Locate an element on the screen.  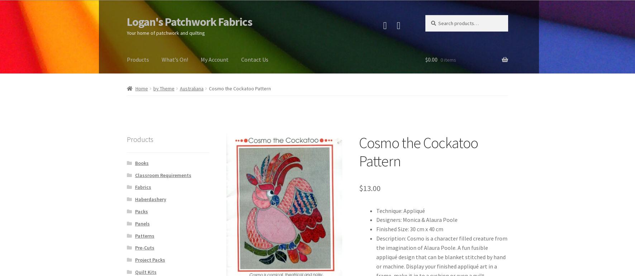
'Designers: Monica & Alaura Poole' is located at coordinates (416, 219).